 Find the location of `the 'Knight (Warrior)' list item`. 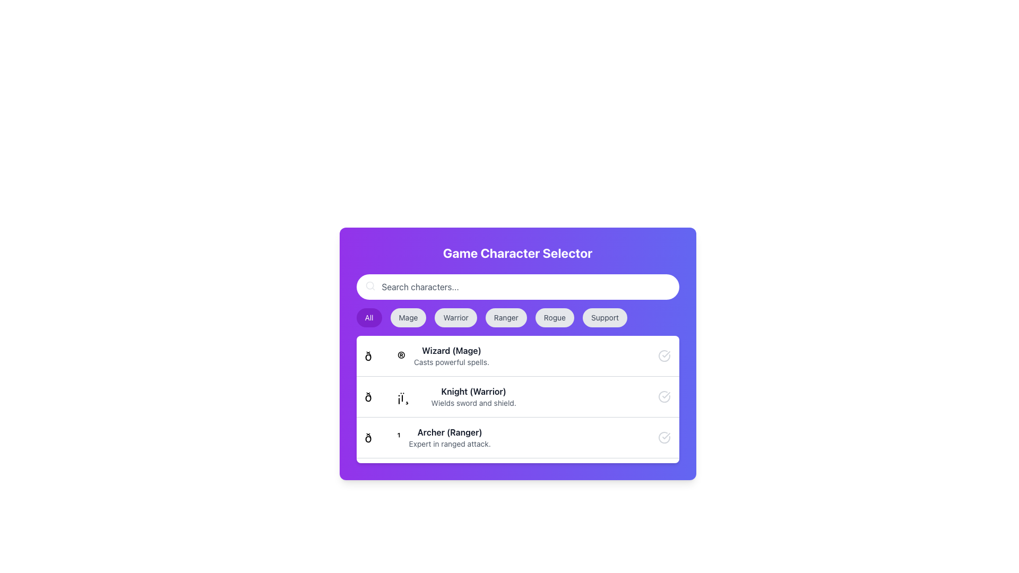

the 'Knight (Warrior)' list item is located at coordinates (517, 396).